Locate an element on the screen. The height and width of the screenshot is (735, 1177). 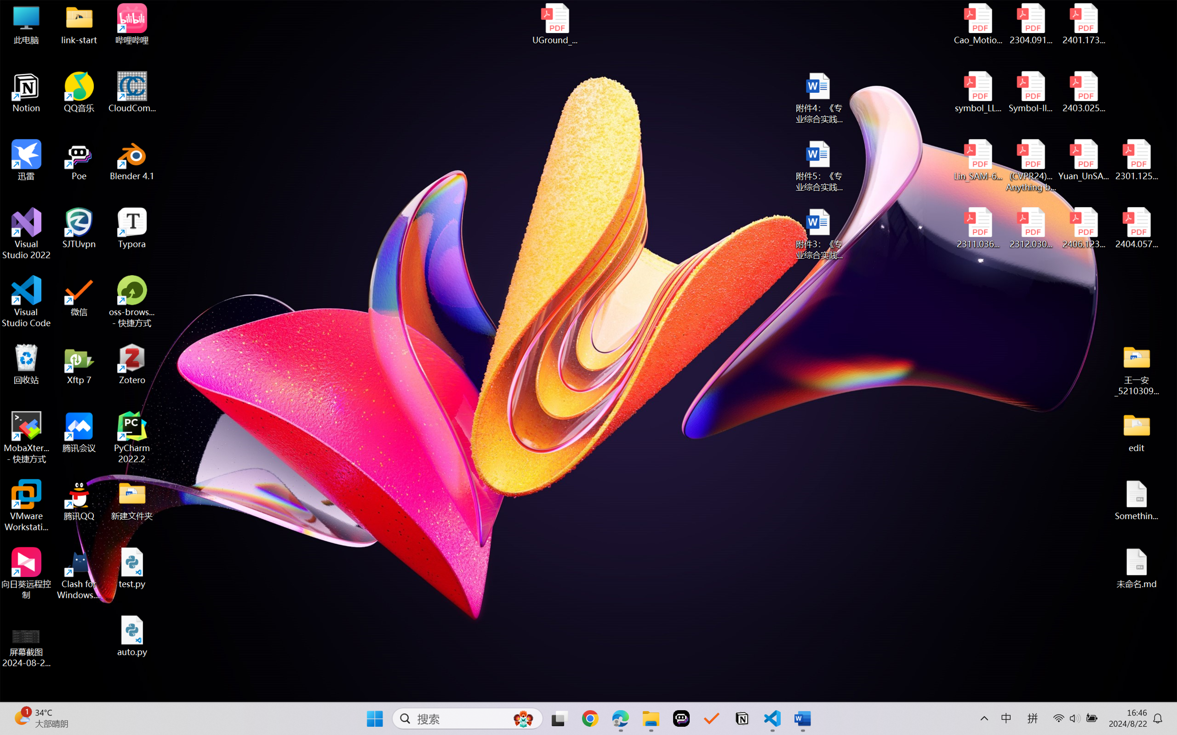
'2406.12373v2.pdf' is located at coordinates (1083, 228).